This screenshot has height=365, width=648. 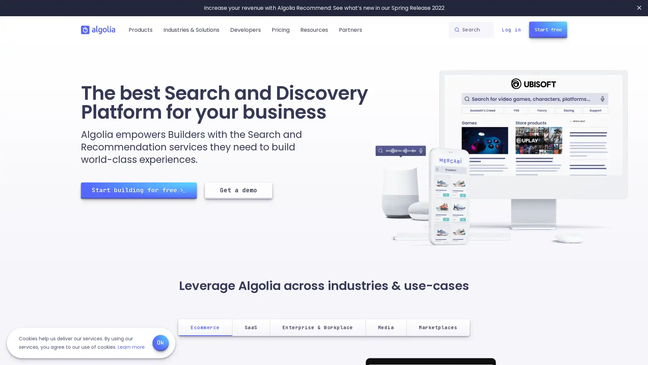 What do you see at coordinates (160, 343) in the screenshot?
I see `Ok` at bounding box center [160, 343].